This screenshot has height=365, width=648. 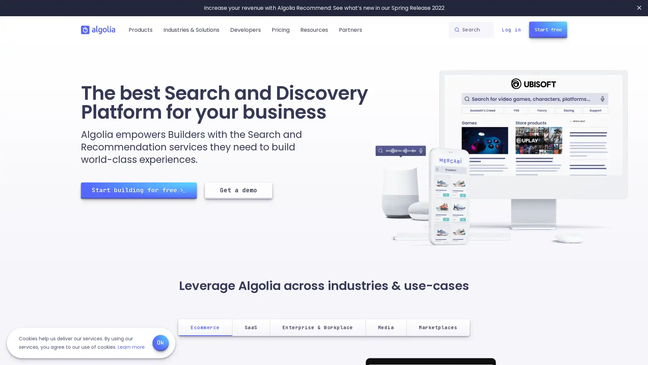 What do you see at coordinates (160, 343) in the screenshot?
I see `Ok` at bounding box center [160, 343].